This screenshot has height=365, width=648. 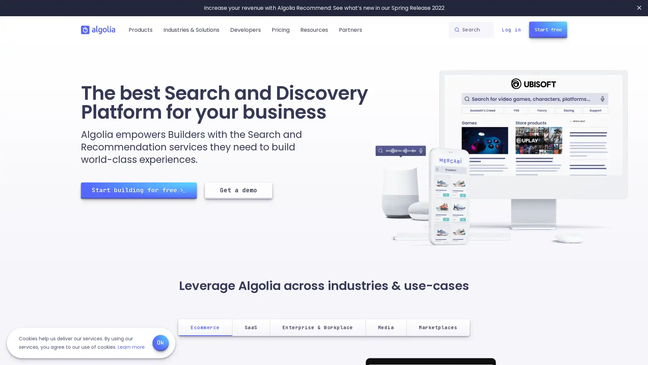 What do you see at coordinates (160, 343) in the screenshot?
I see `Ok` at bounding box center [160, 343].